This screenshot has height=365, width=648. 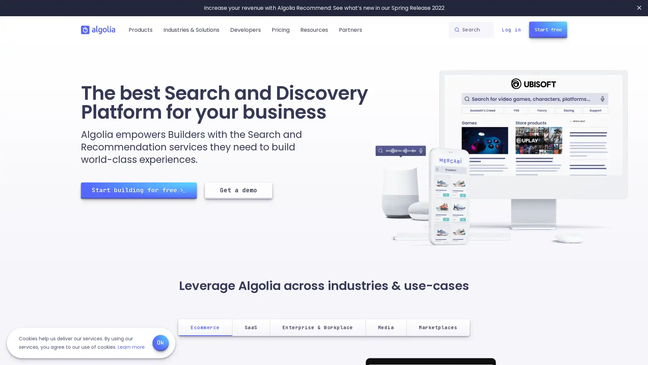 What do you see at coordinates (160, 343) in the screenshot?
I see `Ok` at bounding box center [160, 343].